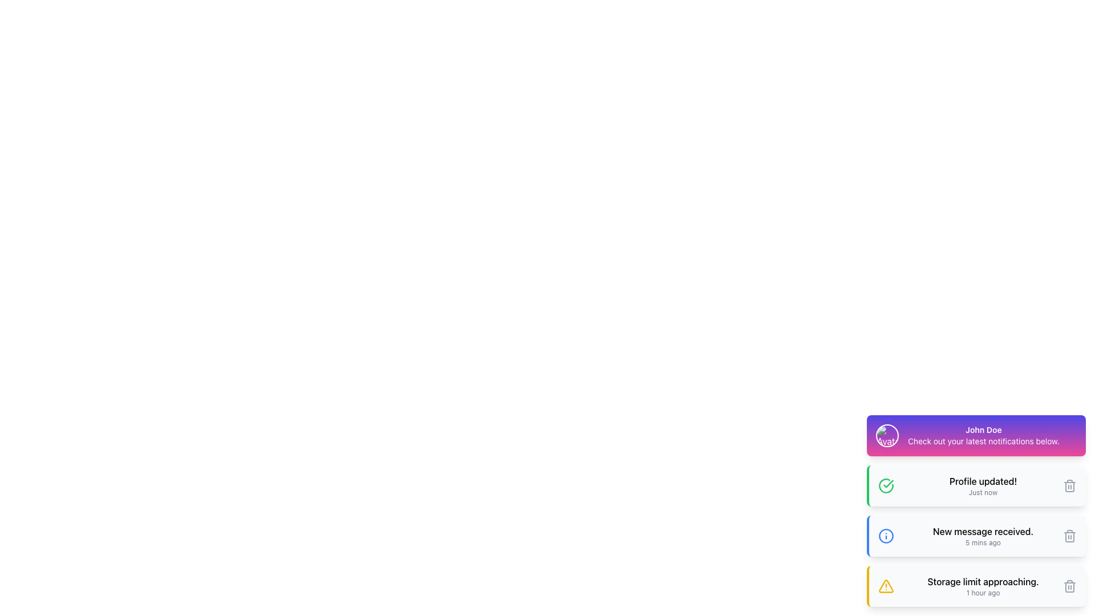 The image size is (1095, 616). I want to click on text content 'New message received.' displayed prominently in a notification card, which is located on the second card of a vertical list of notifications, so click(982, 532).